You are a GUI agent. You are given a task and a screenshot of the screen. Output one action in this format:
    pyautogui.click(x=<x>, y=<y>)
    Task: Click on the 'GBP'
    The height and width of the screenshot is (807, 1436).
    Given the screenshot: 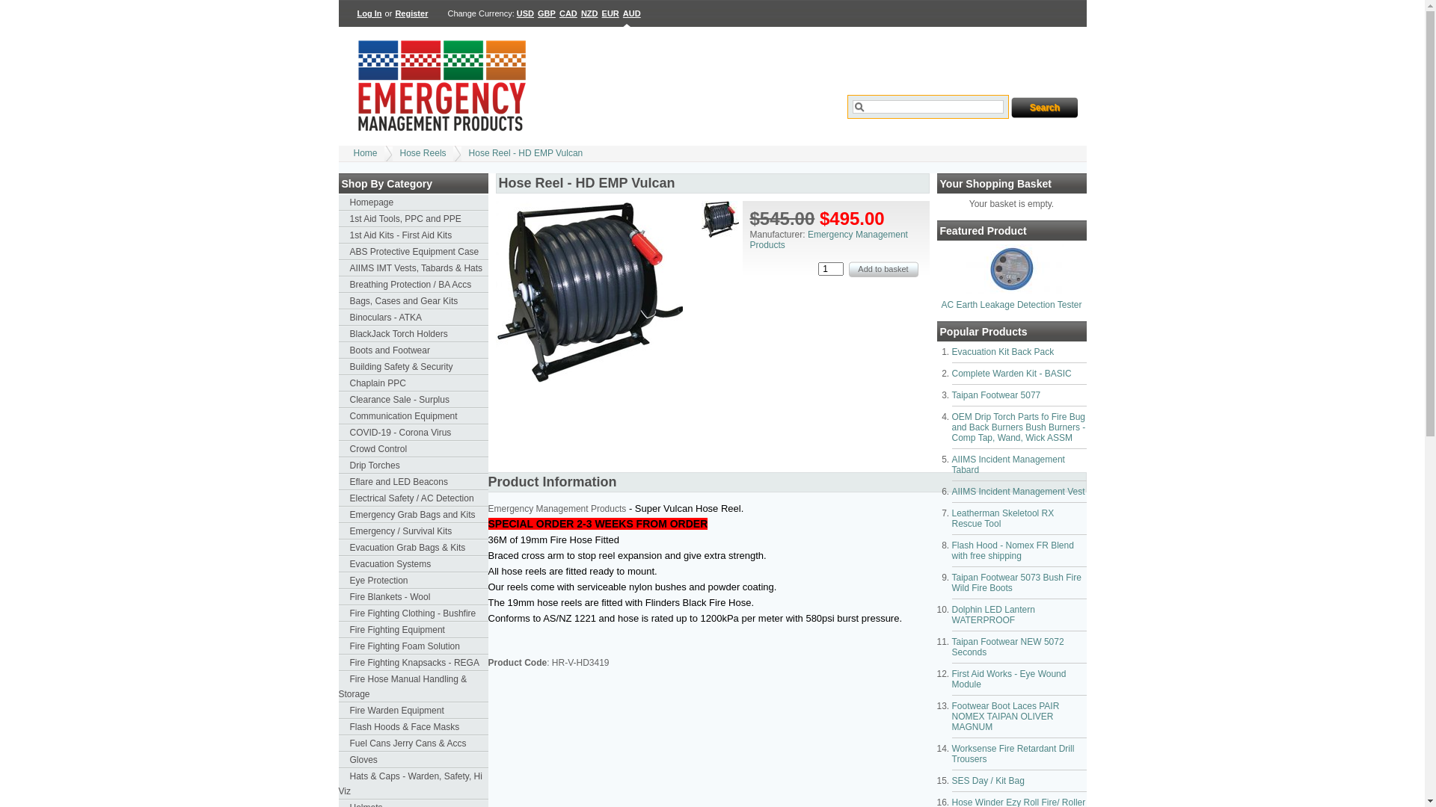 What is the action you would take?
    pyautogui.click(x=545, y=13)
    